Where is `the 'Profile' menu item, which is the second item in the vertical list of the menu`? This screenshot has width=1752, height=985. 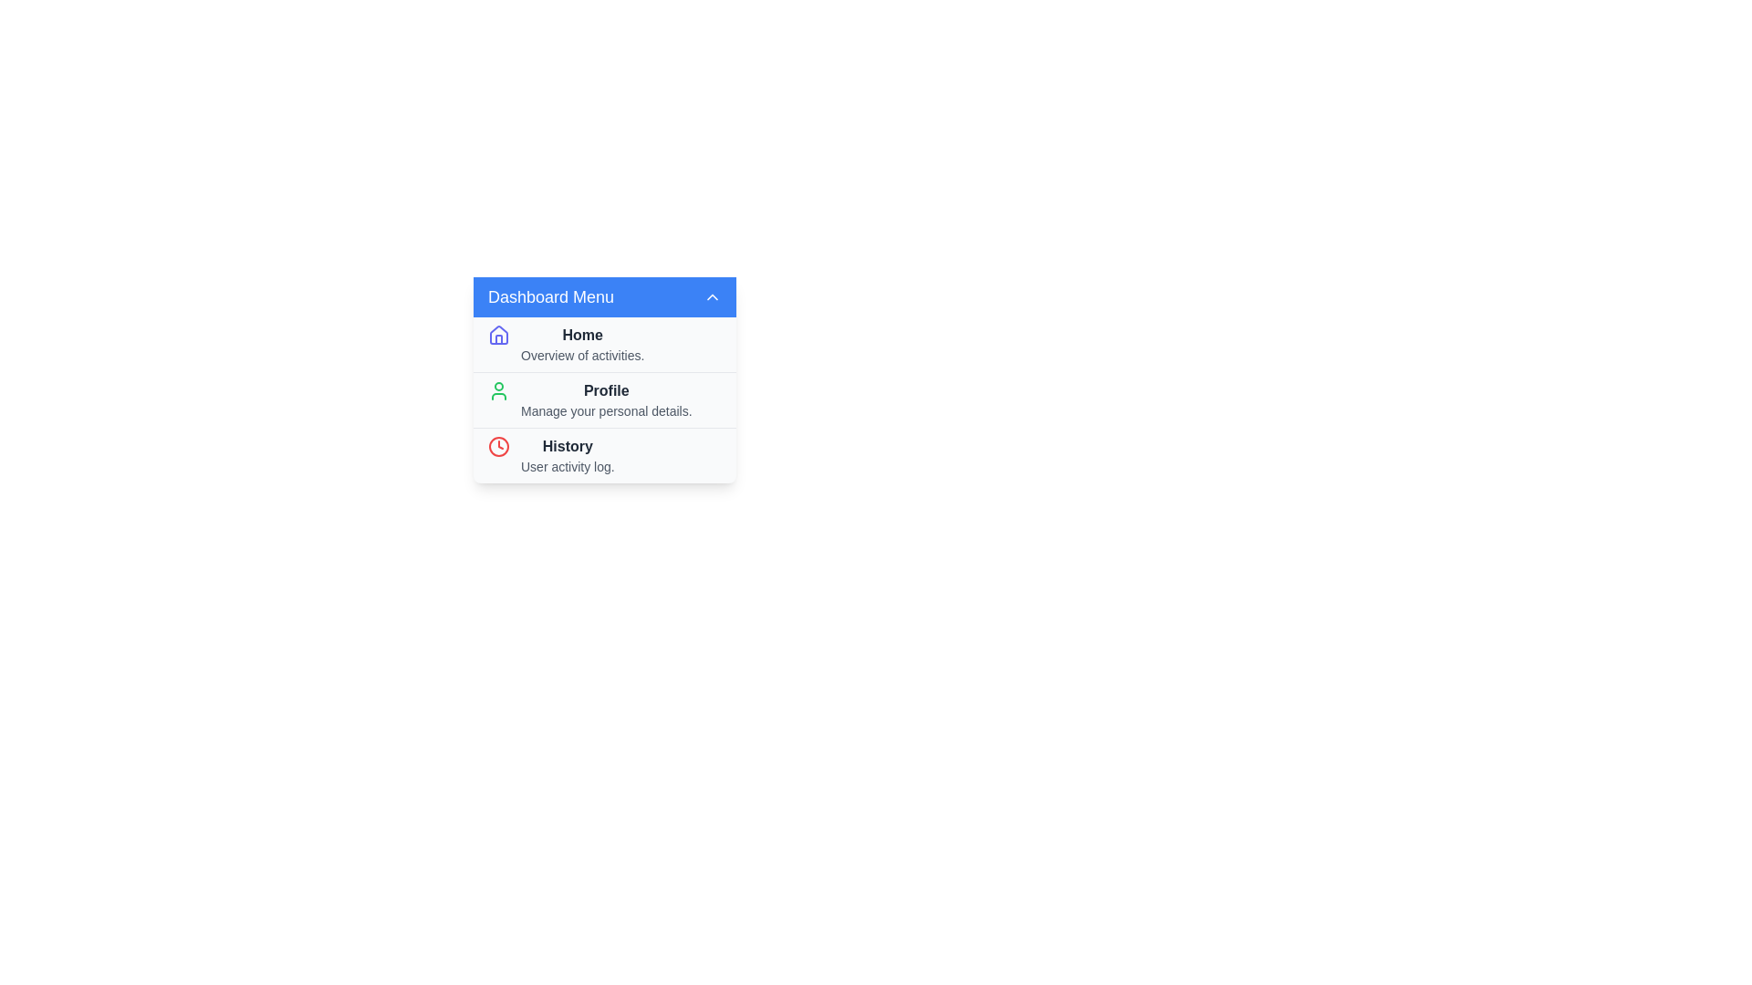
the 'Profile' menu item, which is the second item in the vertical list of the menu is located at coordinates (606, 399).